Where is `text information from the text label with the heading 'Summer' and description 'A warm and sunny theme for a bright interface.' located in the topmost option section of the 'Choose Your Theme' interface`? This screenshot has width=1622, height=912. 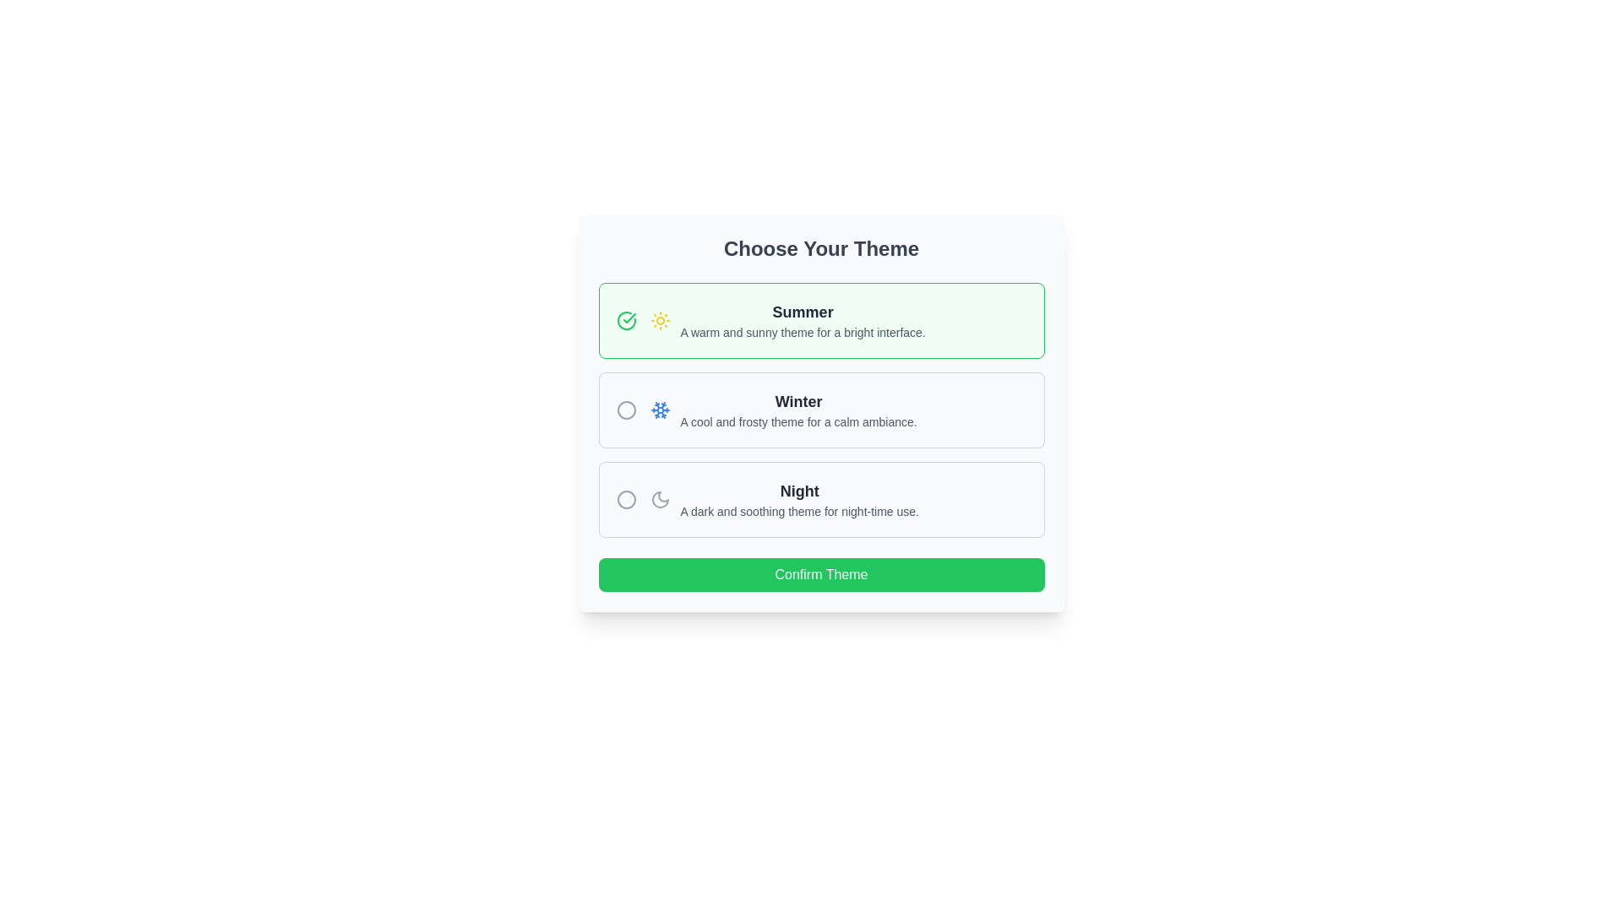 text information from the text label with the heading 'Summer' and description 'A warm and sunny theme for a bright interface.' located in the topmost option section of the 'Choose Your Theme' interface is located at coordinates (802, 321).